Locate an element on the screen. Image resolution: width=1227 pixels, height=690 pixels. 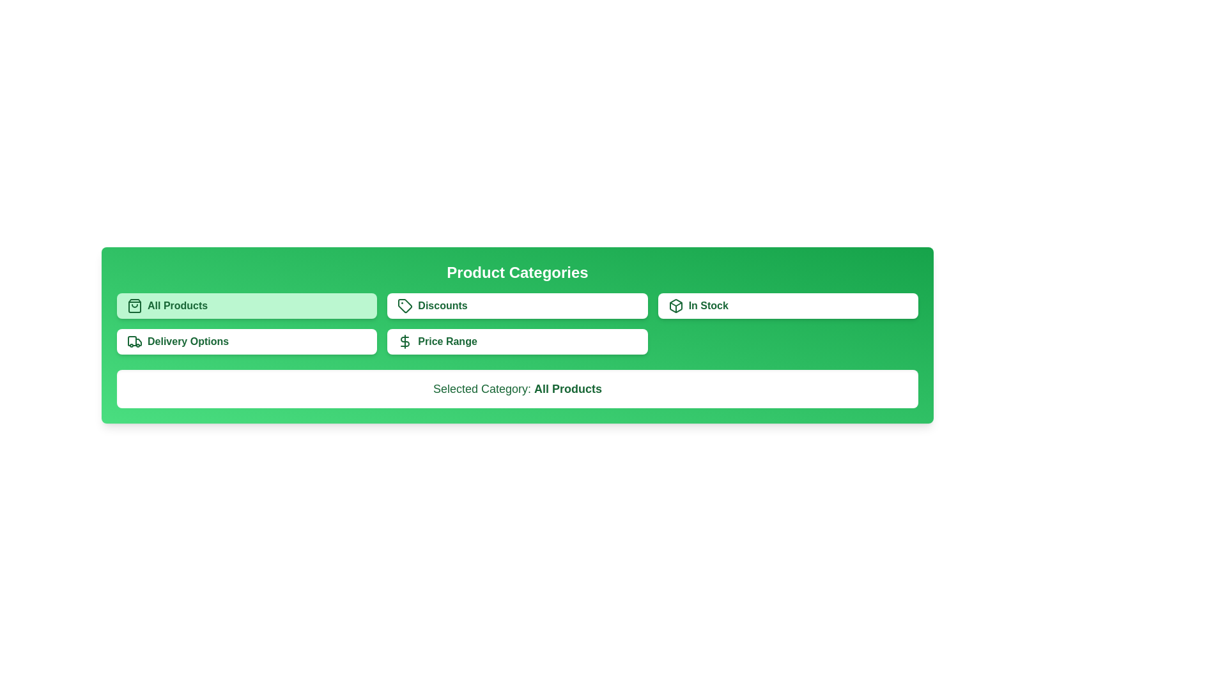
the 'All Products' button is located at coordinates (247, 305).